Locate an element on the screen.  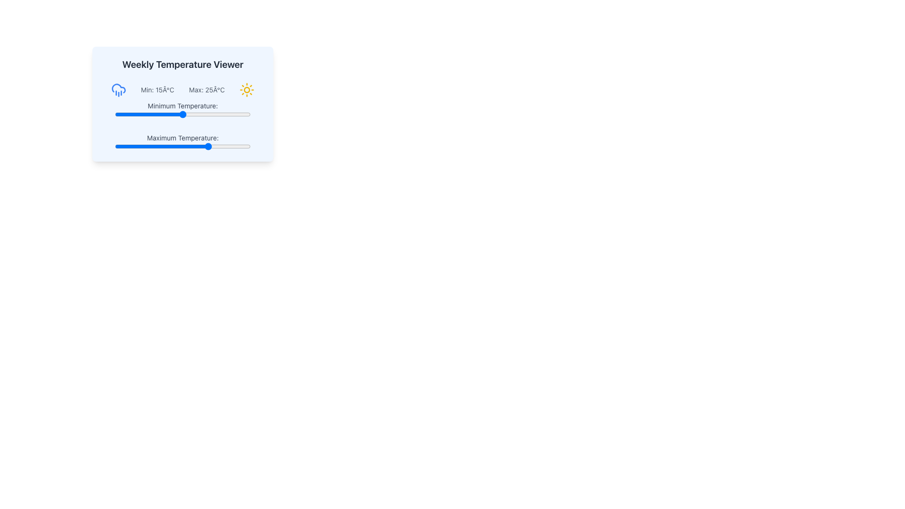
the minimum temperature is located at coordinates (217, 114).